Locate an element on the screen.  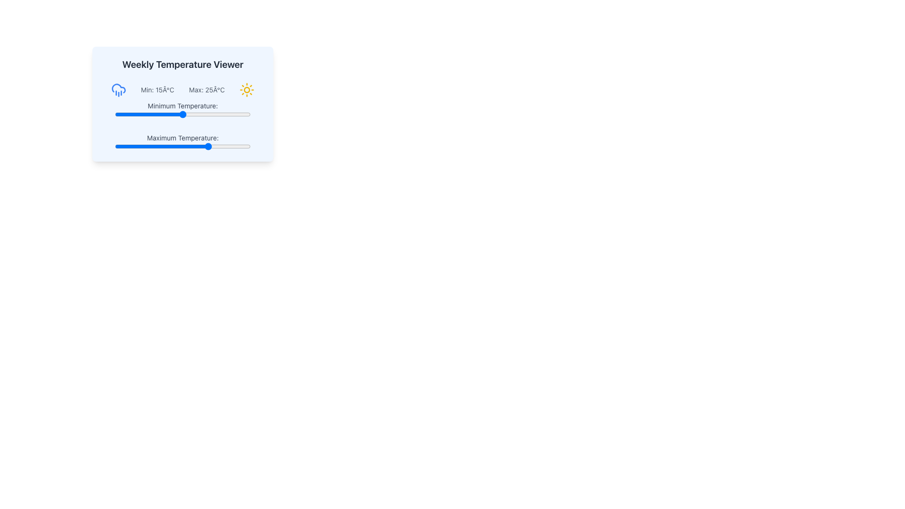
the minimum temperature is located at coordinates (217, 114).